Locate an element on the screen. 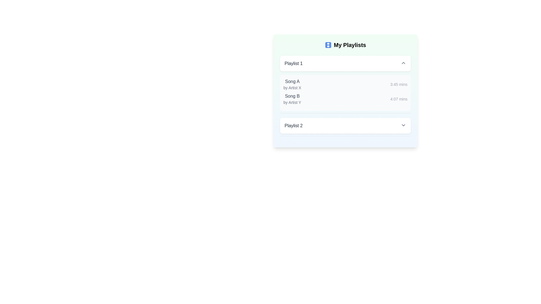 This screenshot has height=304, width=541. the film reel SVG icon located in the 'My Playlists' section is located at coordinates (328, 44).